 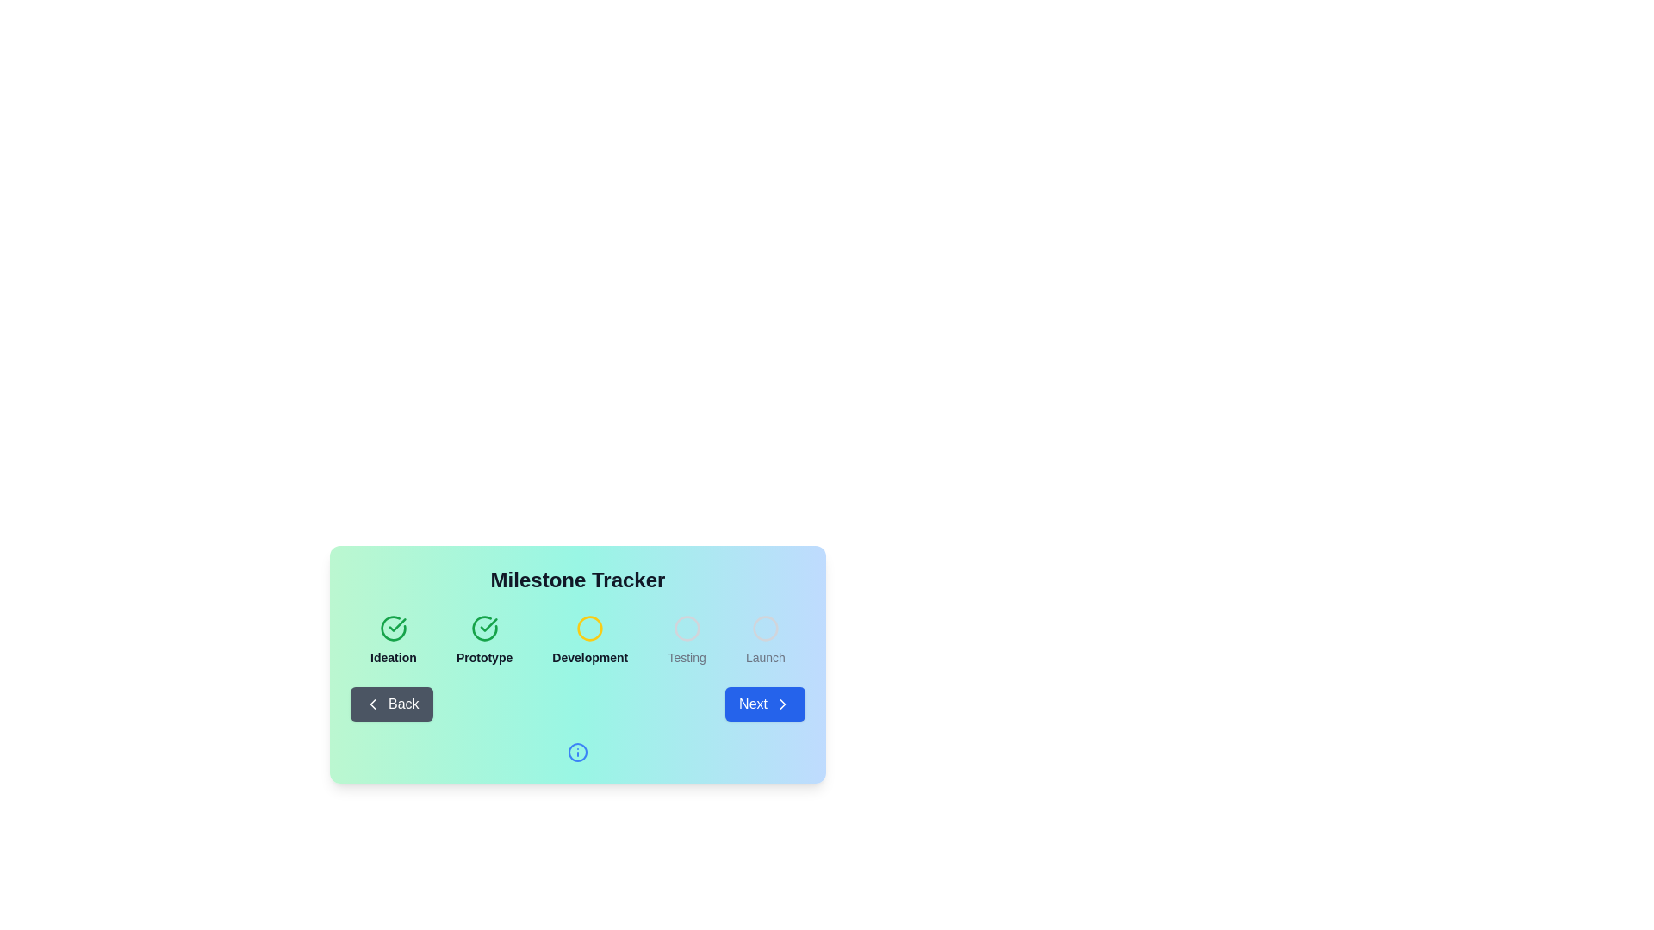 What do you see at coordinates (578, 752) in the screenshot?
I see `the blue-outlined circular area of the vector graphic icon located centrally in the lower section of the milestone tracker interface` at bounding box center [578, 752].